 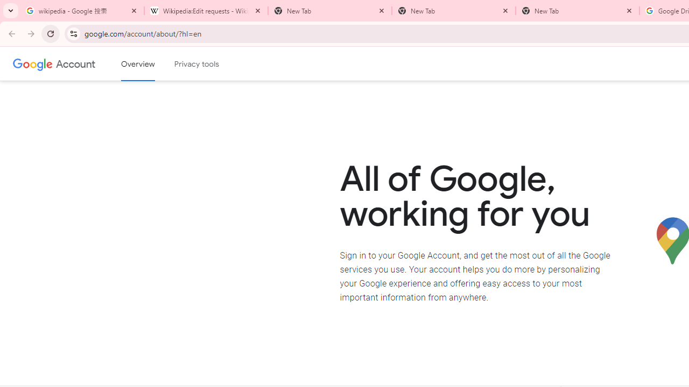 I want to click on 'Privacy tools', so click(x=197, y=64).